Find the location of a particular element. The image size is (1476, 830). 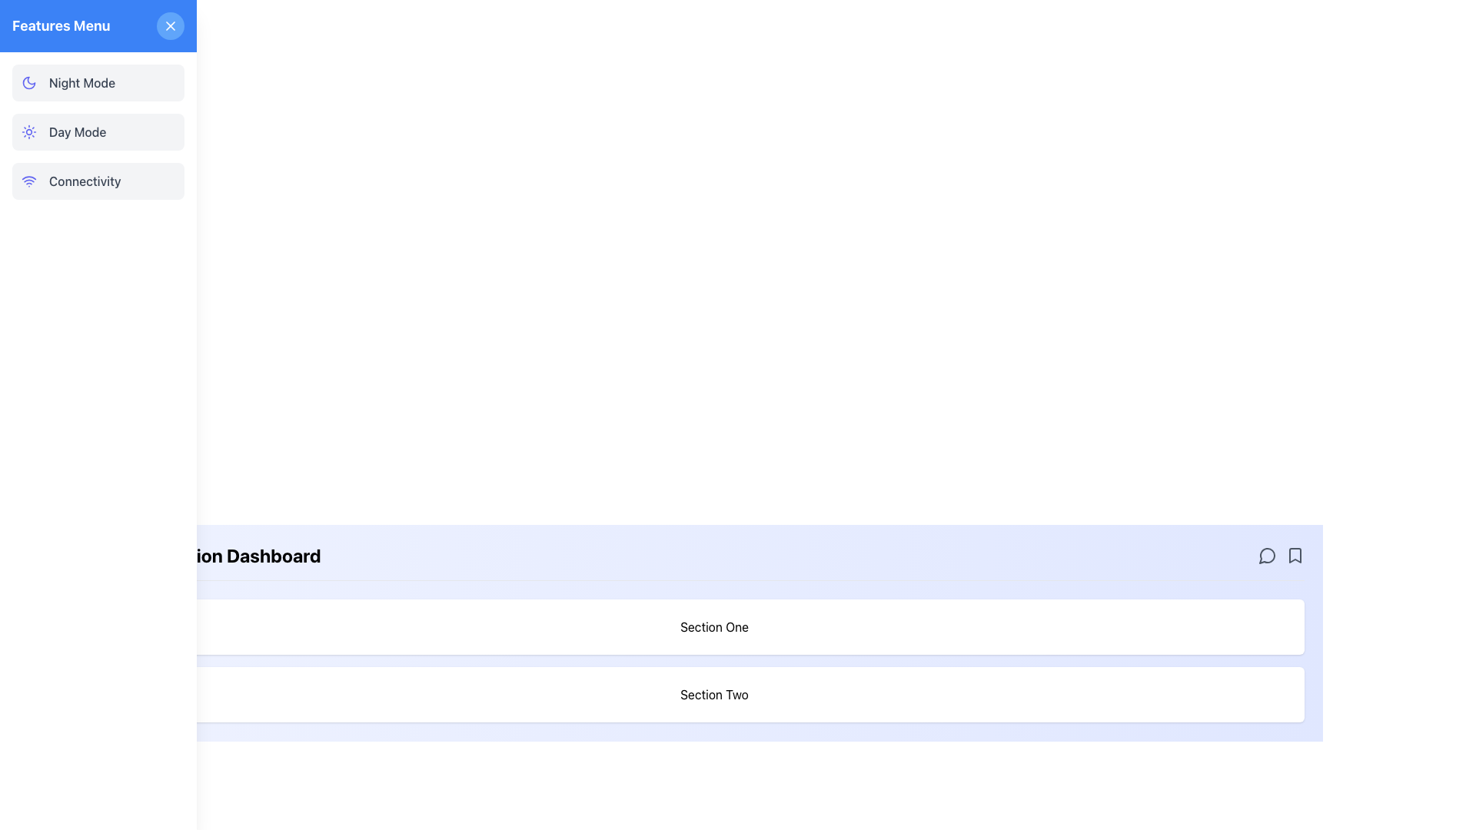

the text label located at the upper left side of the main content area, which serves as the header for the page is located at coordinates (221, 555).